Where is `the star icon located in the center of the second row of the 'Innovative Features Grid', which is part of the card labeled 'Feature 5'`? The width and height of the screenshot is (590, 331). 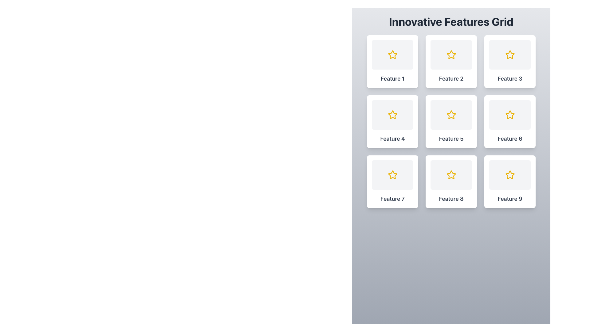 the star icon located in the center of the second row of the 'Innovative Features Grid', which is part of the card labeled 'Feature 5' is located at coordinates (451, 115).